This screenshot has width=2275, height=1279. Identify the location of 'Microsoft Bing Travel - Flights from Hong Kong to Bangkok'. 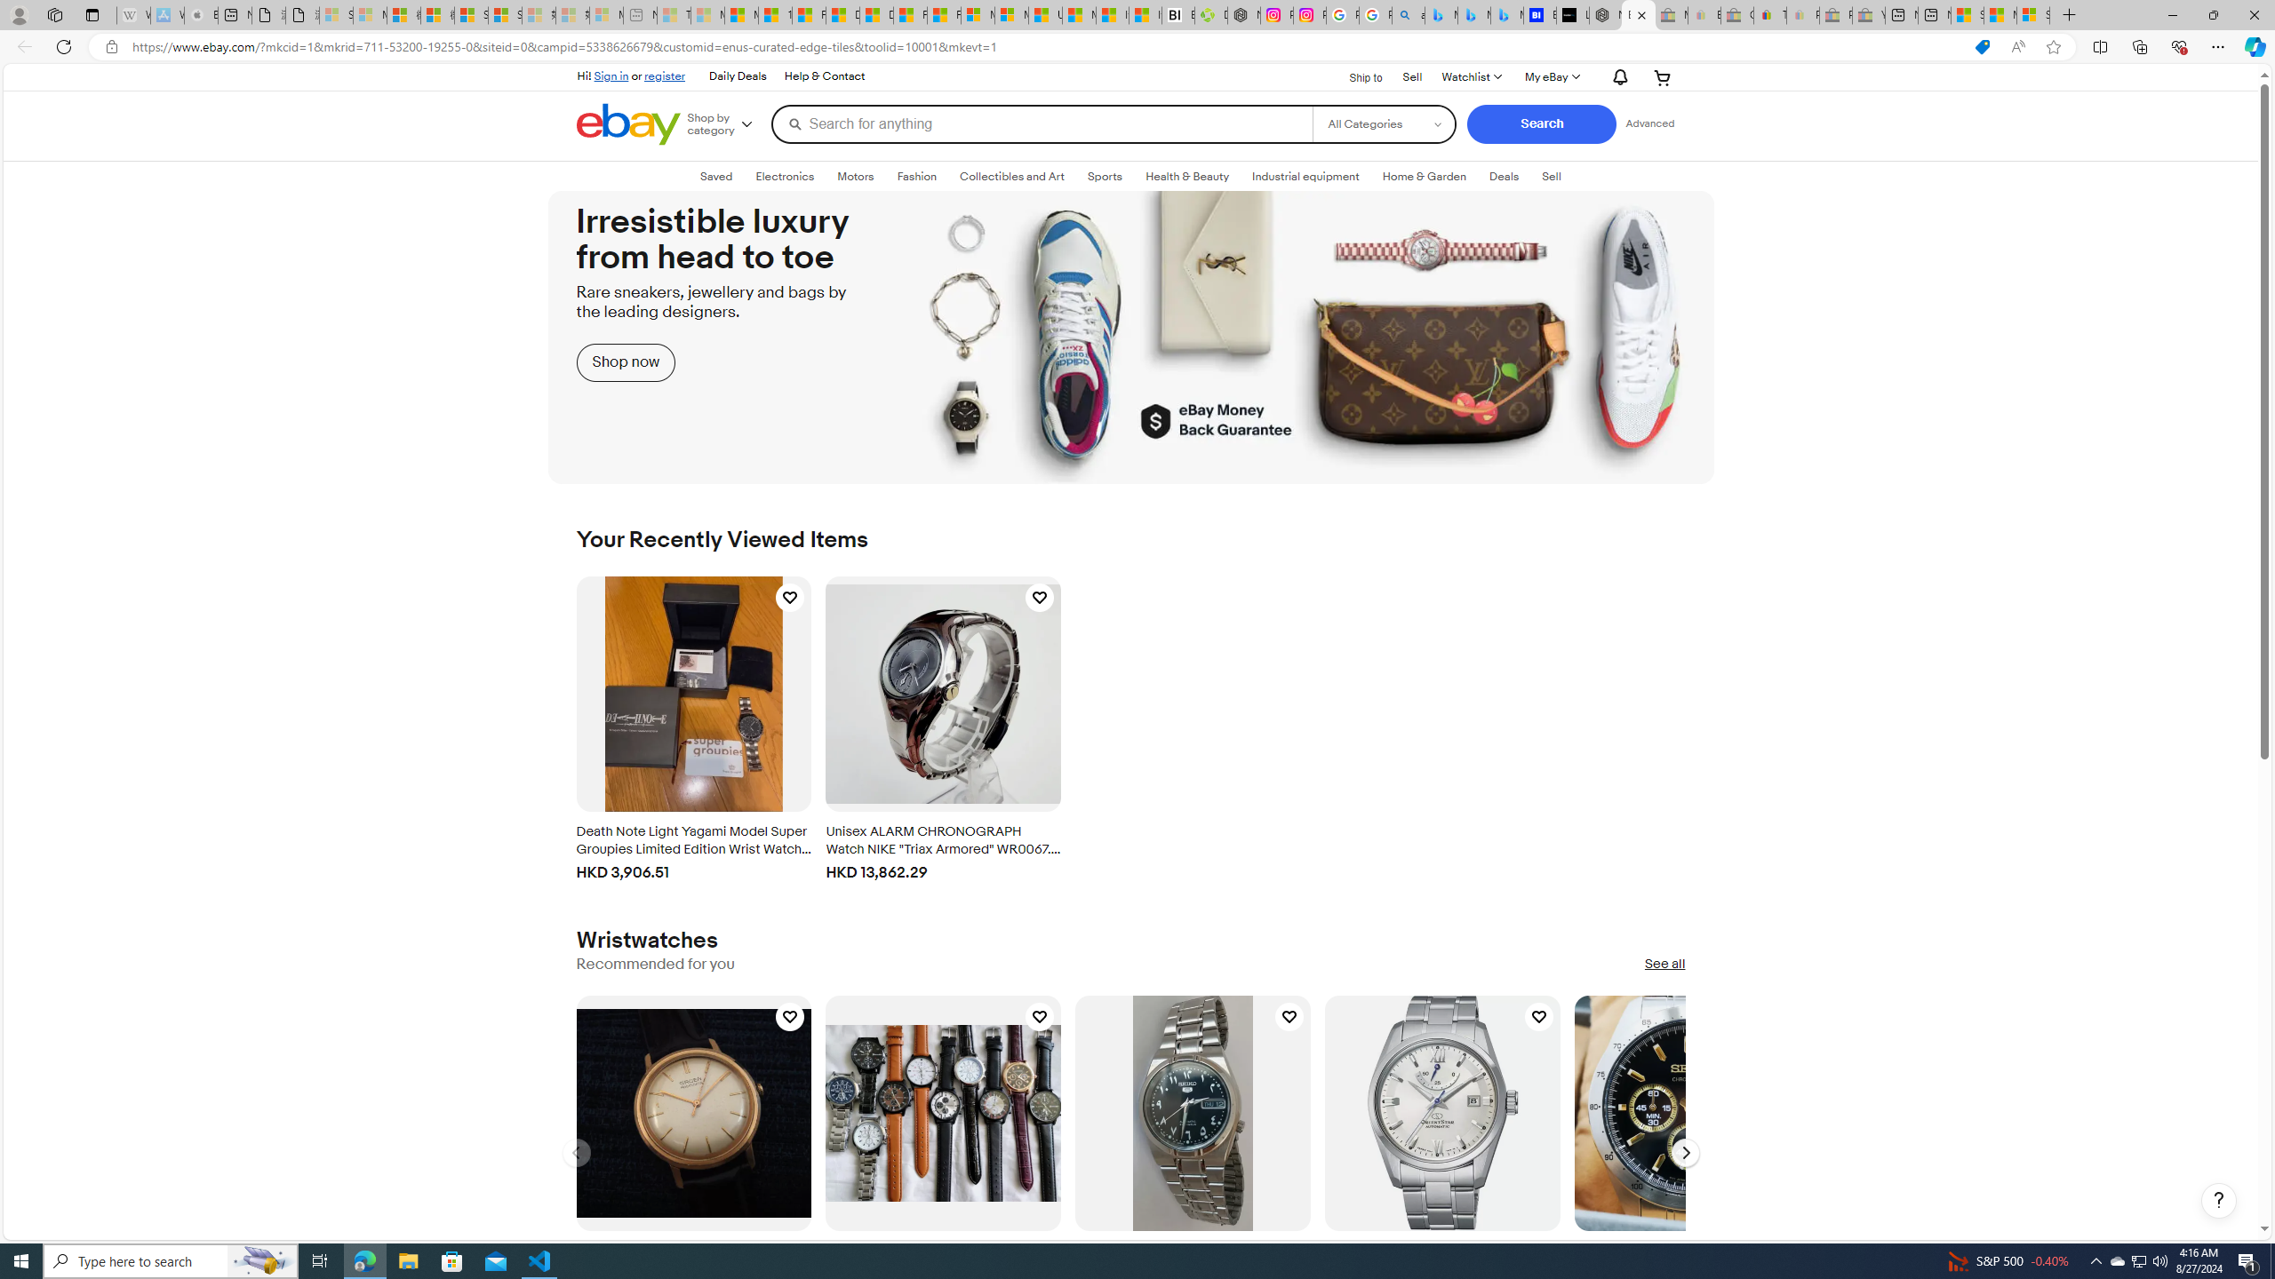
(1441, 14).